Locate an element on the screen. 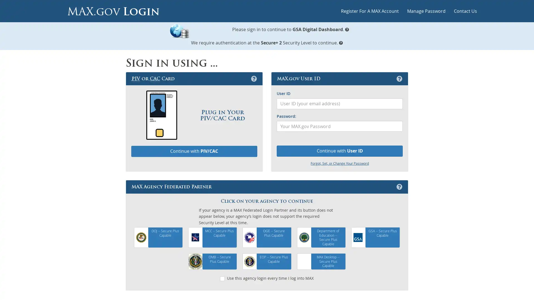 The width and height of the screenshot is (534, 300). MAX.gov Security Levels is located at coordinates (340, 42).